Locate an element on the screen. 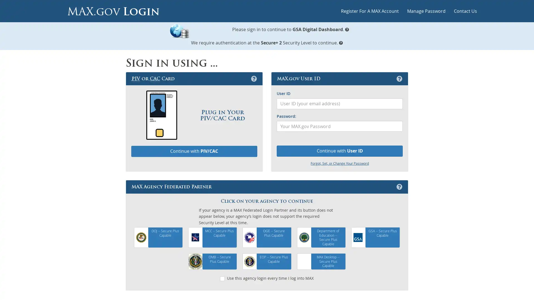 The width and height of the screenshot is (534, 300). MAX.gov Security Levels is located at coordinates (340, 42).